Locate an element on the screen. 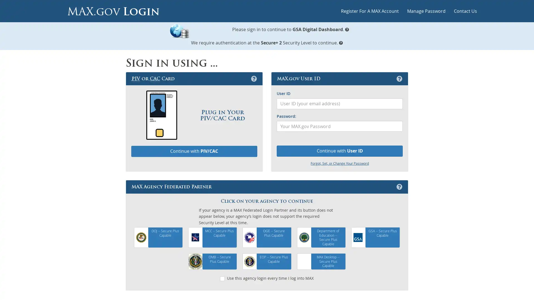 The width and height of the screenshot is (534, 300). MAX.gov Security Levels is located at coordinates (340, 42).